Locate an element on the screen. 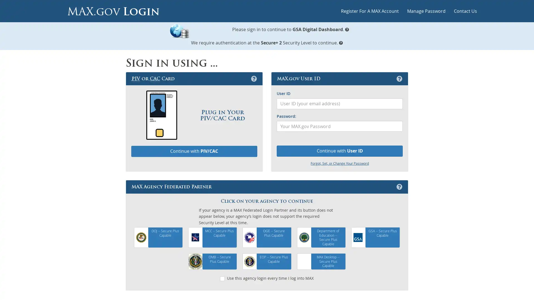 The width and height of the screenshot is (534, 300). MAX.gov Security Levels is located at coordinates (340, 42).